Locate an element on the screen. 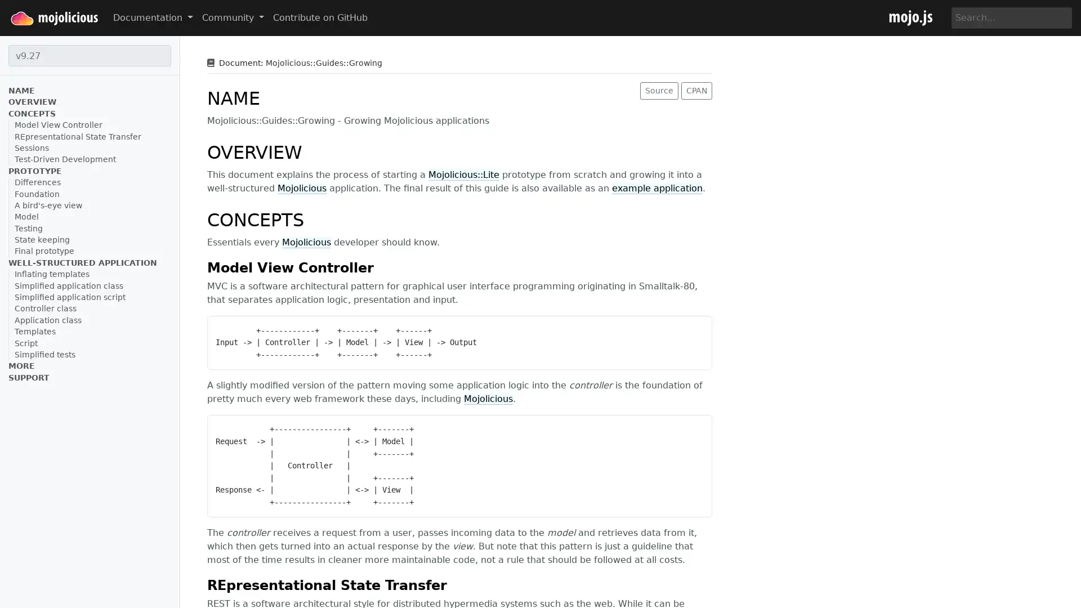 Image resolution: width=1081 pixels, height=608 pixels. Source is located at coordinates (659, 90).